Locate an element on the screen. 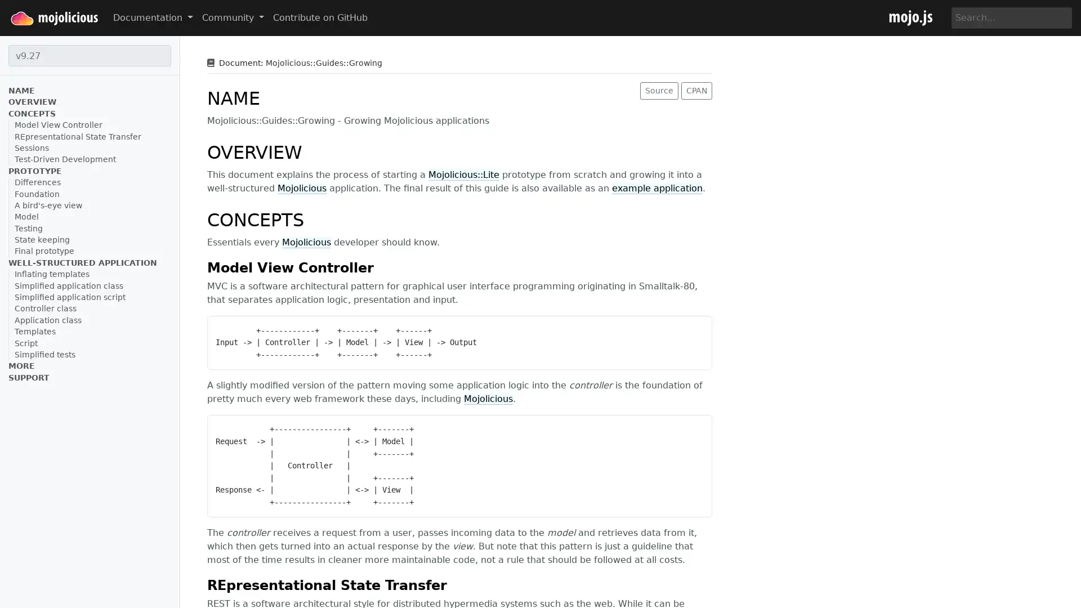 Image resolution: width=1081 pixels, height=608 pixels. Source is located at coordinates (659, 90).